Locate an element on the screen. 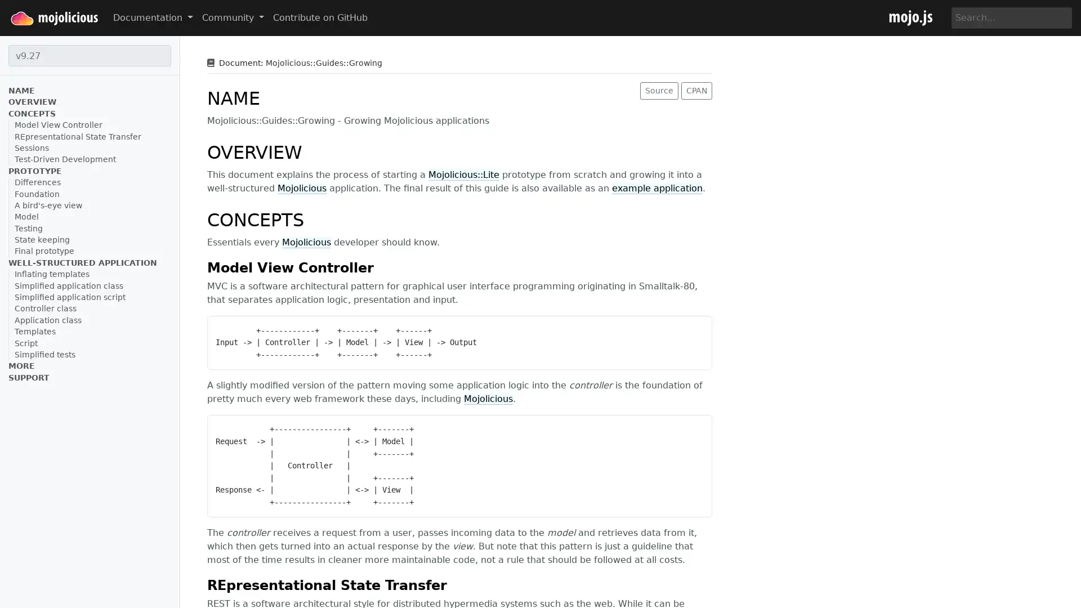 Image resolution: width=1081 pixels, height=608 pixels. Source is located at coordinates (659, 90).